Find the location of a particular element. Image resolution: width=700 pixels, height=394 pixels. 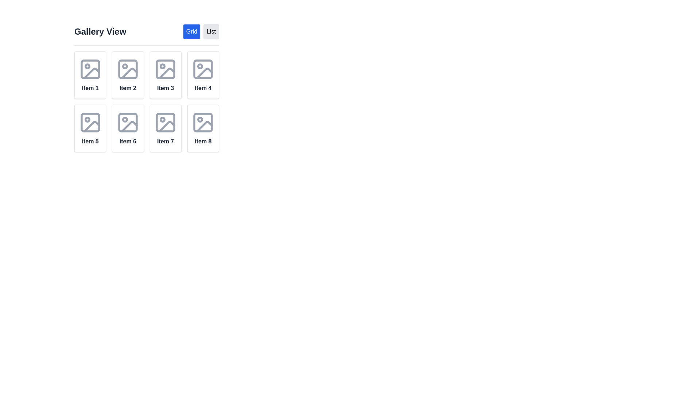

the small rectangular frame with rounded corners located in the third grid item of the gallery view, which represents an image icon is located at coordinates (165, 69).